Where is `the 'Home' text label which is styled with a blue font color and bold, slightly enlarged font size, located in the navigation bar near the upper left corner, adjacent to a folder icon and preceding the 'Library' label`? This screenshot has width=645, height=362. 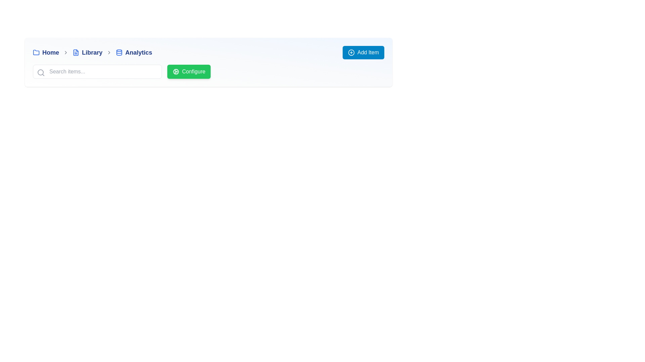
the 'Home' text label which is styled with a blue font color and bold, slightly enlarged font size, located in the navigation bar near the upper left corner, adjacent to a folder icon and preceding the 'Library' label is located at coordinates (50, 52).